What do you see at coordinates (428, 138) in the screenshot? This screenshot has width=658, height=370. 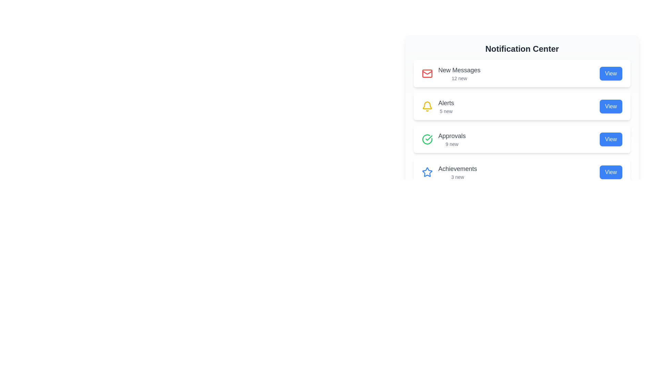 I see `the green checkmark icon inside the circular boundary in the 'Approvals' section of the notification card layout` at bounding box center [428, 138].